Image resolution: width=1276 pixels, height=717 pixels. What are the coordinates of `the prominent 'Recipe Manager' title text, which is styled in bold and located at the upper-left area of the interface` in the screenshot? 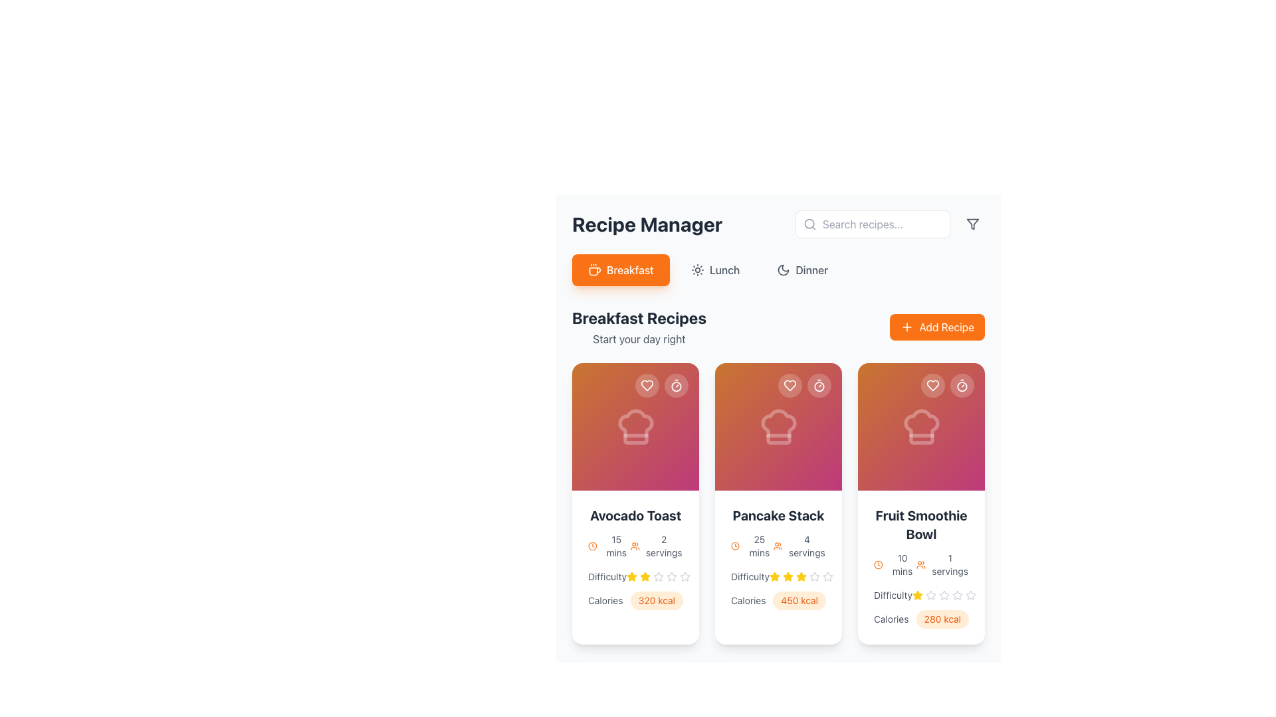 It's located at (647, 224).